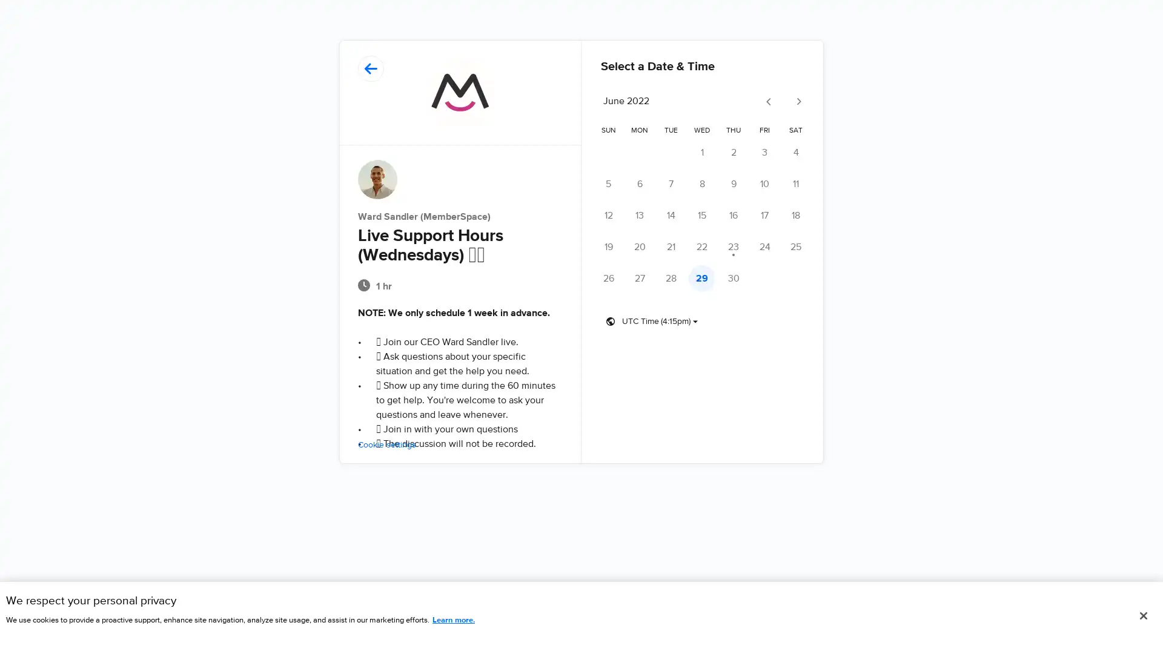  Describe the element at coordinates (732, 214) in the screenshot. I see `Thursday, June 16 - No times available` at that location.